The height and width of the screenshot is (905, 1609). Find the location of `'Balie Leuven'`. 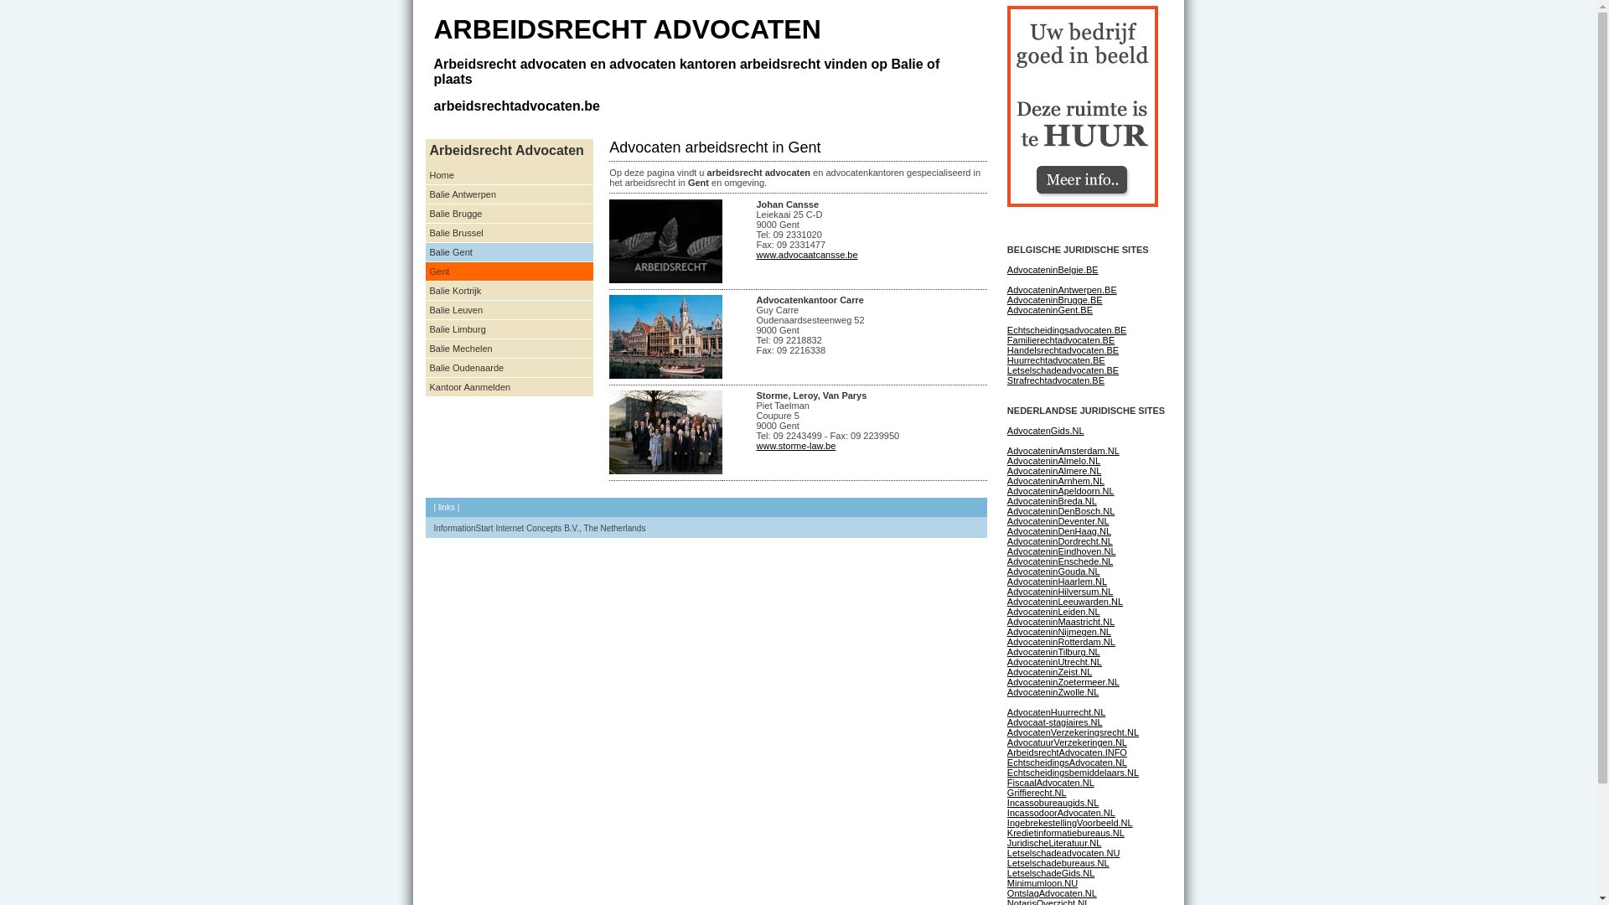

'Balie Leuven' is located at coordinates (509, 310).